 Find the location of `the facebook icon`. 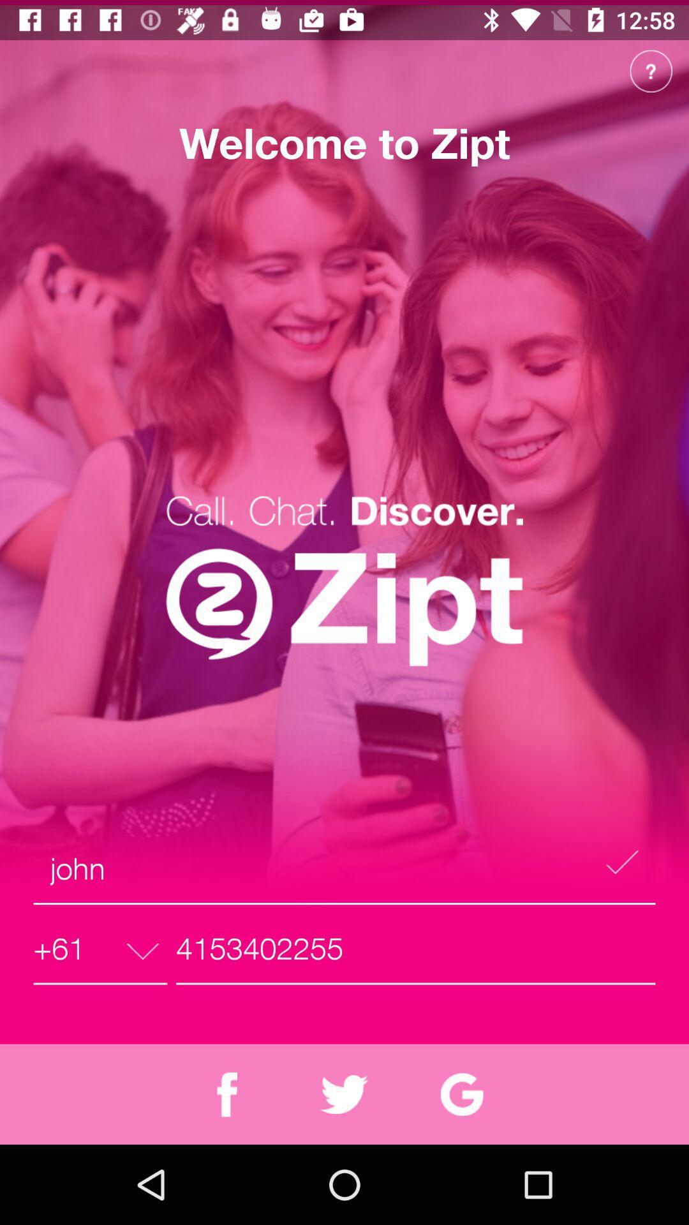

the facebook icon is located at coordinates (226, 1094).